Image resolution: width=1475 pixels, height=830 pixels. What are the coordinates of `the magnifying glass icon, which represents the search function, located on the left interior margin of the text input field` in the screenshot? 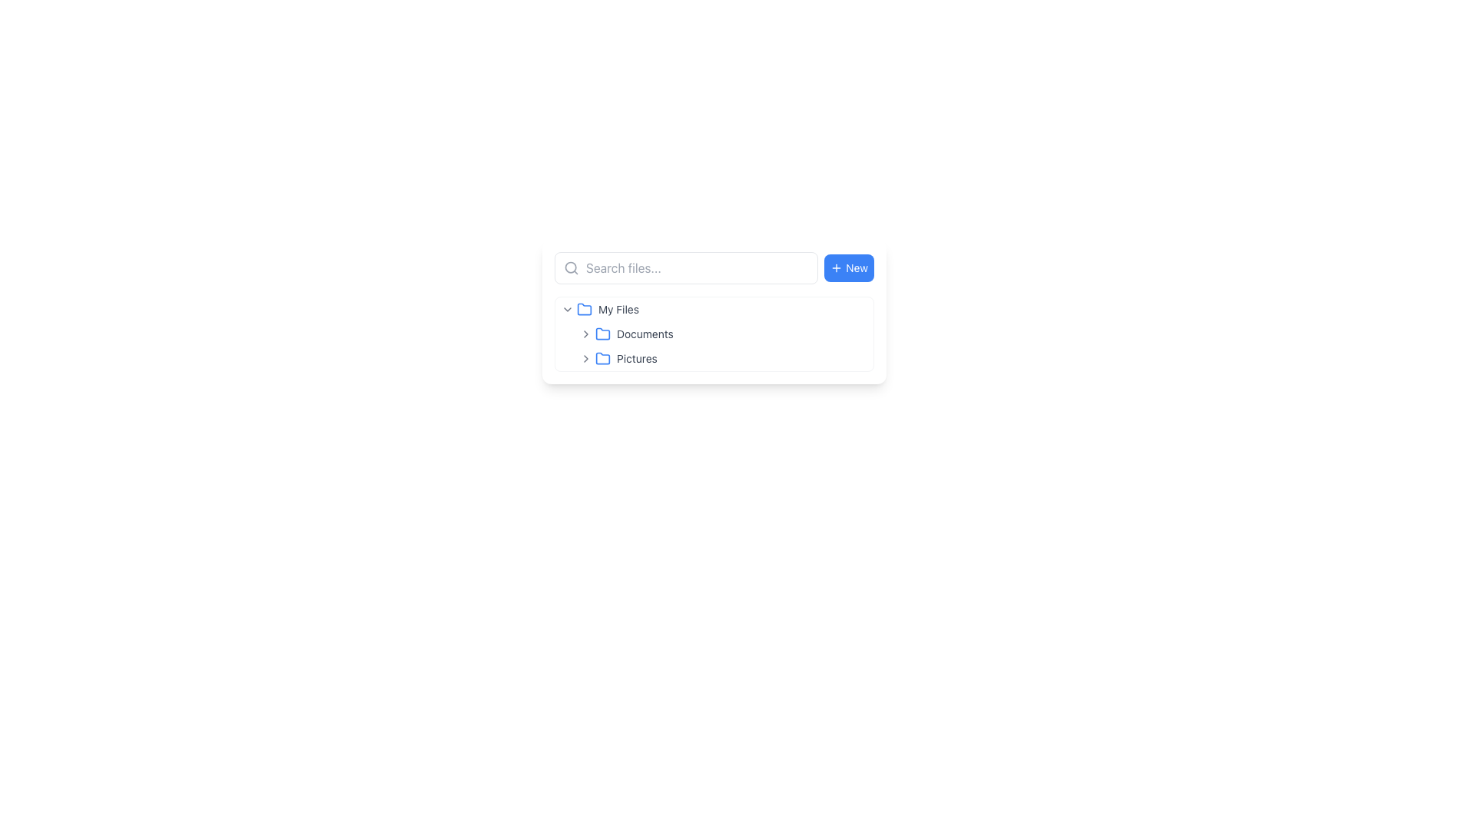 It's located at (571, 267).